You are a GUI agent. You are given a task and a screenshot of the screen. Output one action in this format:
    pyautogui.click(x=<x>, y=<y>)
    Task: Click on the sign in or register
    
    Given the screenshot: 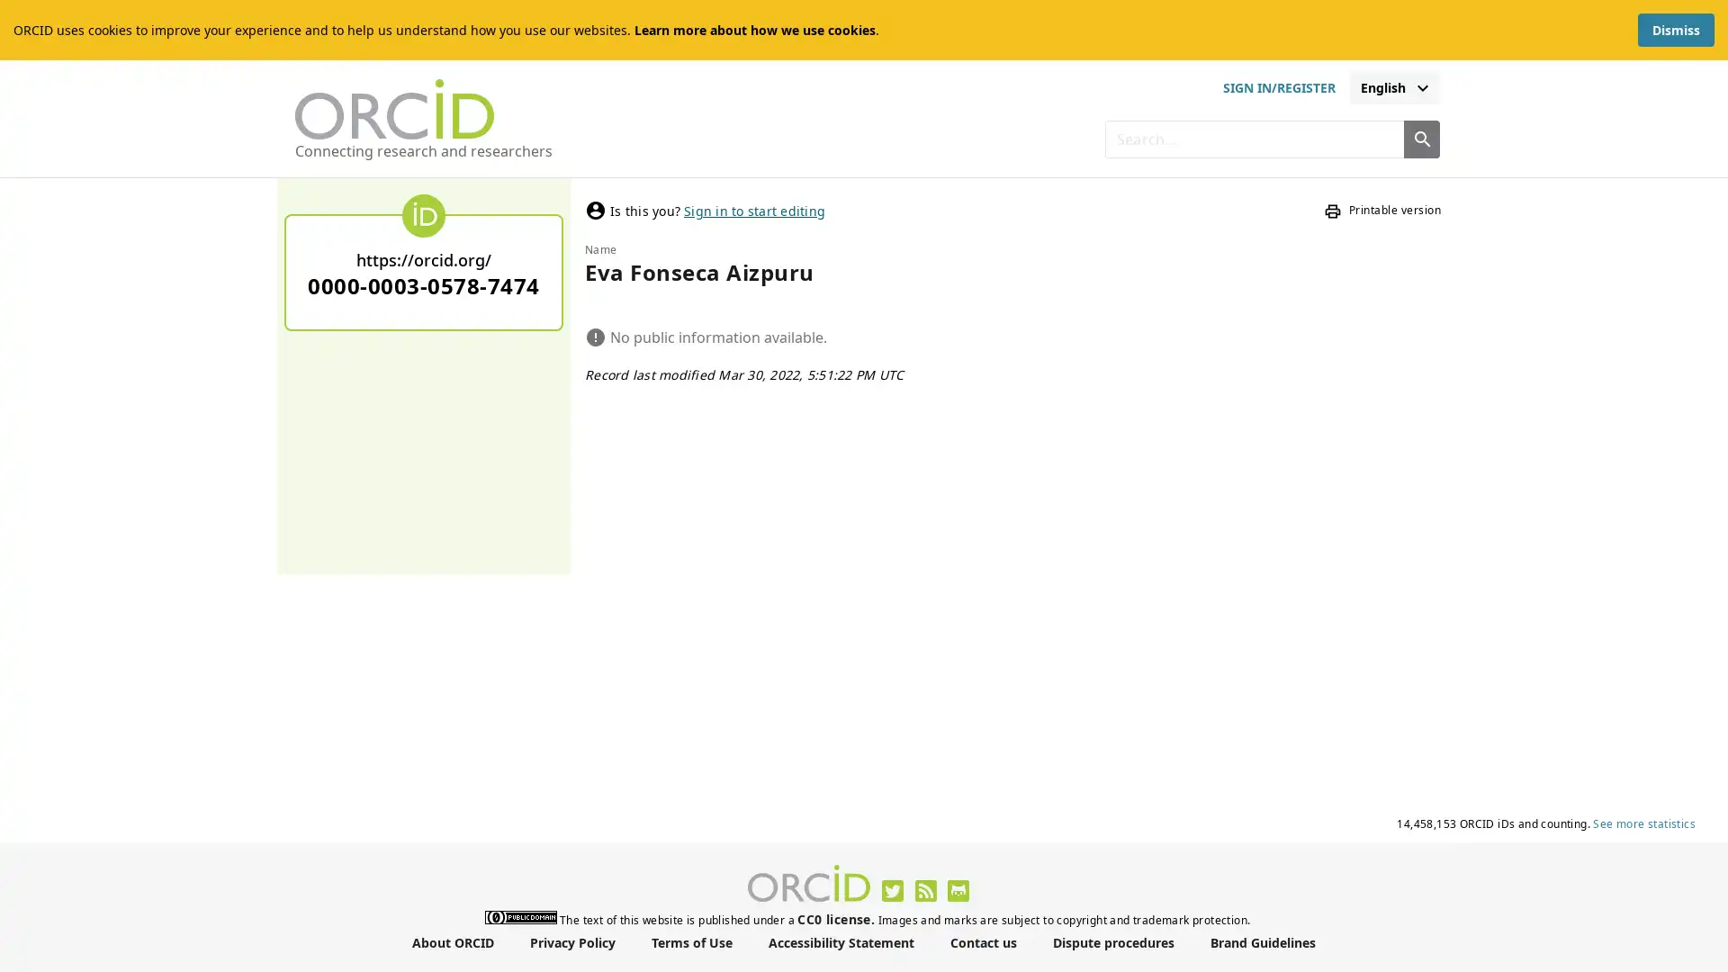 What is the action you would take?
    pyautogui.click(x=1277, y=87)
    